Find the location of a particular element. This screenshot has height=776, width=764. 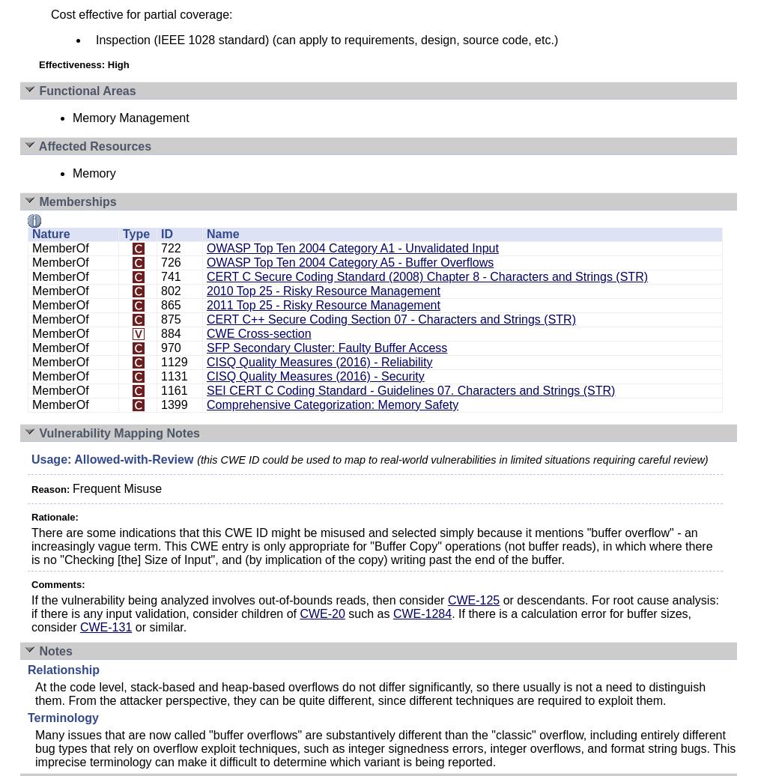

'Many issues that are now called "buffer overflows" are substantively different than the "classic" overflow, including entirely different bug types that rely on overflow exploit techniques, such as integer signedness errors, integer overflows, and format string bugs. This imprecise terminology can make it difficult to determine which variant is being reported.' is located at coordinates (384, 748).